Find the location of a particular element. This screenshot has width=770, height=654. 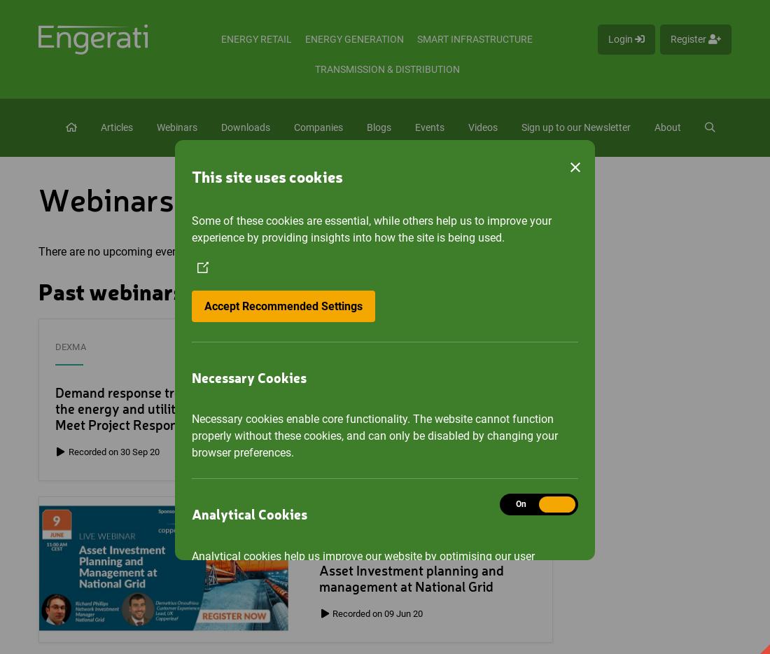

'Recorded on 09 Jun 20' is located at coordinates (377, 613).